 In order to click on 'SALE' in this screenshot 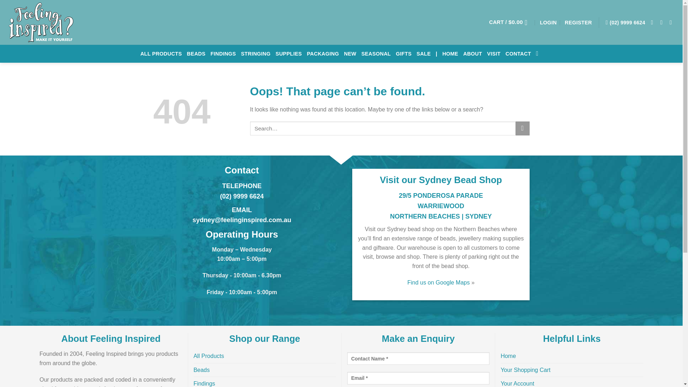, I will do `click(424, 53)`.